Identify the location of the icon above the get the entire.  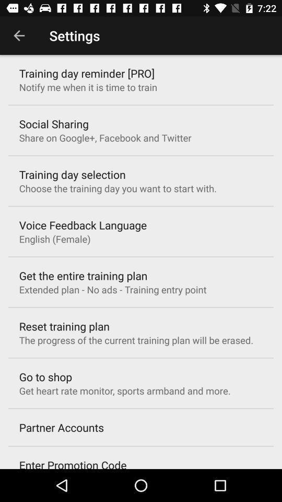
(55, 239).